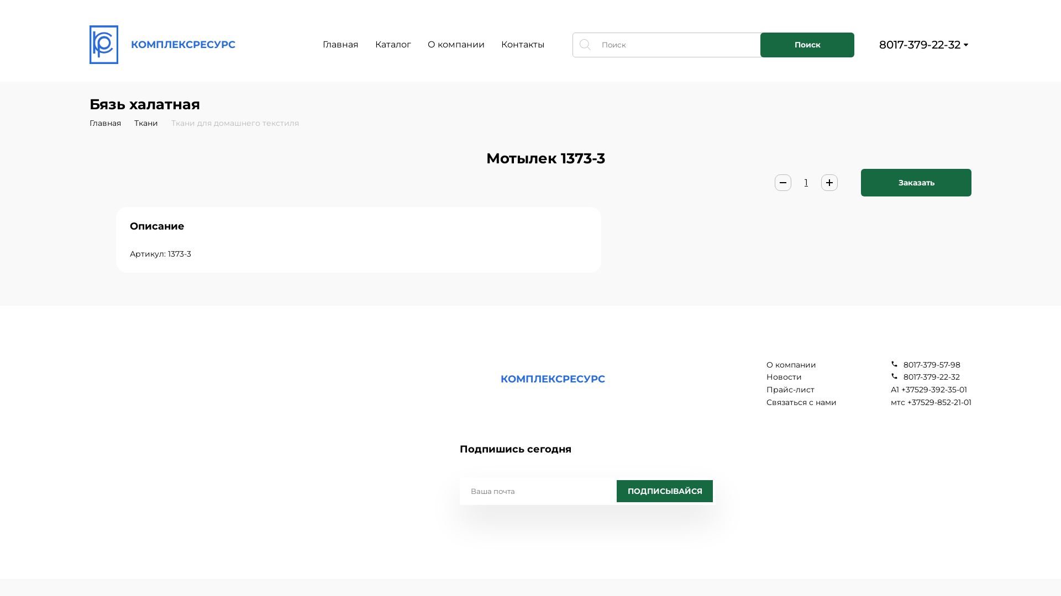 The height and width of the screenshot is (596, 1061). I want to click on '8017-379-22-32', so click(920, 44).